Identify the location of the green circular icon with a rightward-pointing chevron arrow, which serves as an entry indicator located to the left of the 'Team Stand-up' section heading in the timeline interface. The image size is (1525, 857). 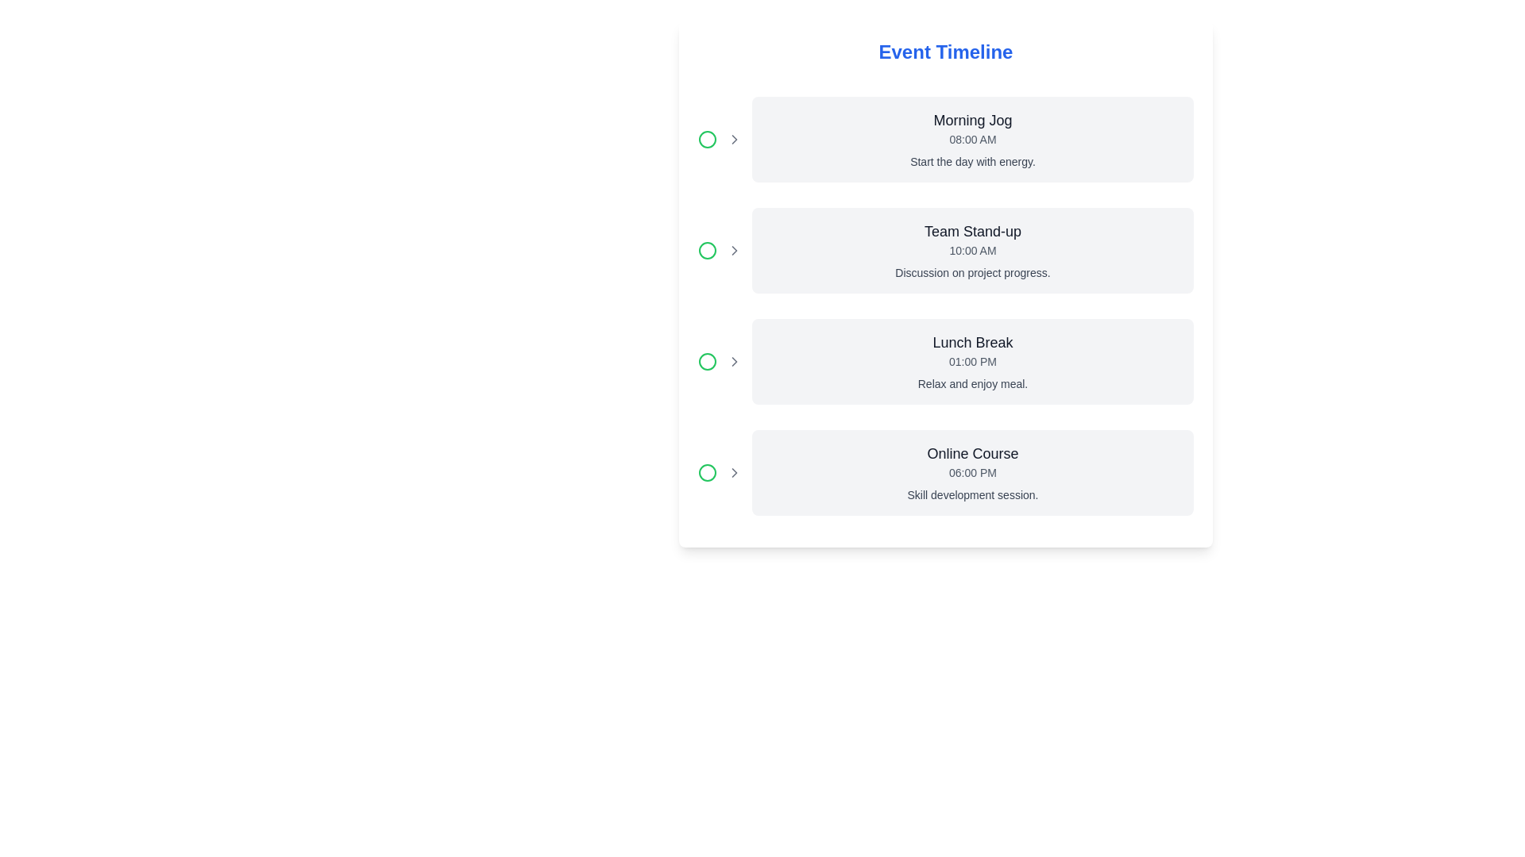
(724, 250).